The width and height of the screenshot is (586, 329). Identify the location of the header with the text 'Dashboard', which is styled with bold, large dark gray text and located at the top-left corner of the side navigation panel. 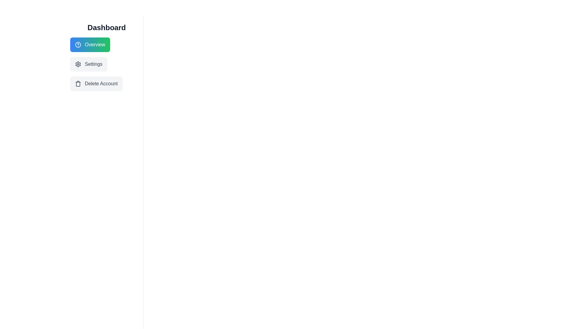
(107, 28).